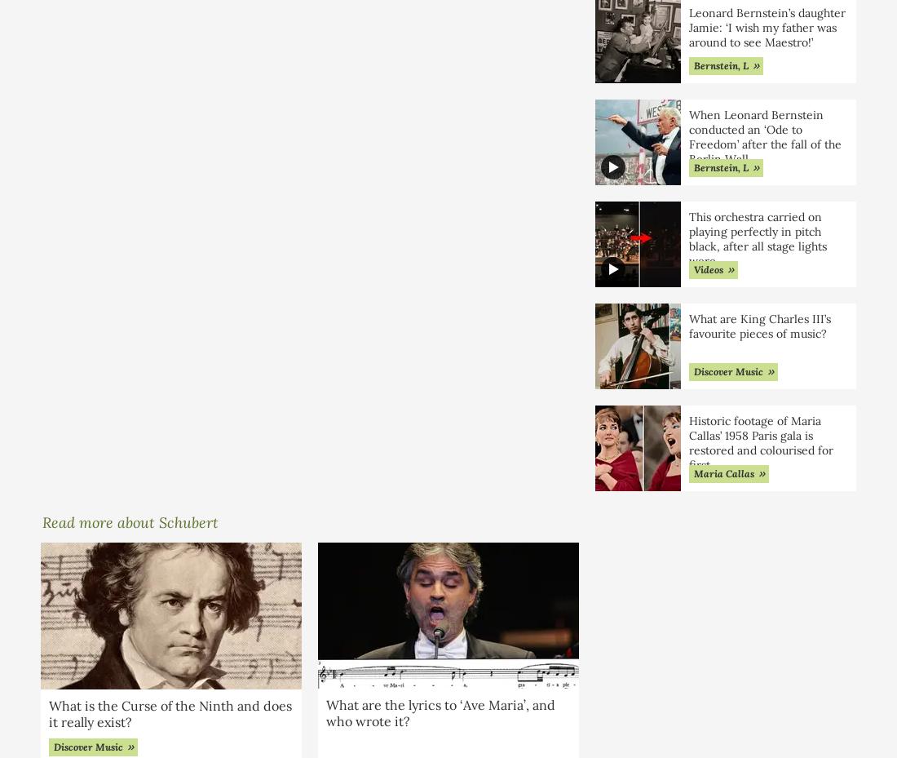 The image size is (897, 758). Describe the element at coordinates (130, 521) in the screenshot. I see `'Read more about Schubert'` at that location.